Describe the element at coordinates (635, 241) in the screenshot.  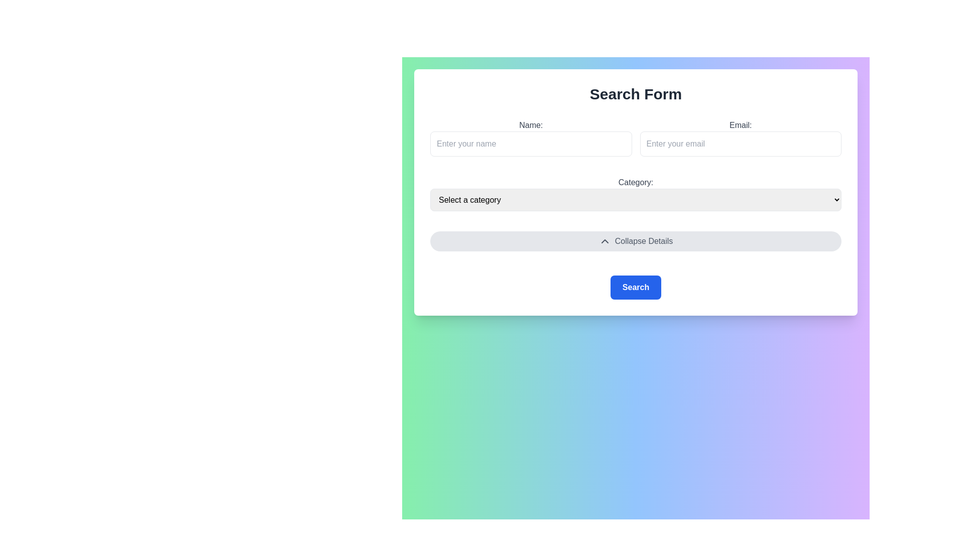
I see `the 'Collapse Details' button, which is a light gray rounded rectangle with a downward pointing arrow icon, located horizontally centered between the 'Category' dropdown and the 'Search' button` at that location.